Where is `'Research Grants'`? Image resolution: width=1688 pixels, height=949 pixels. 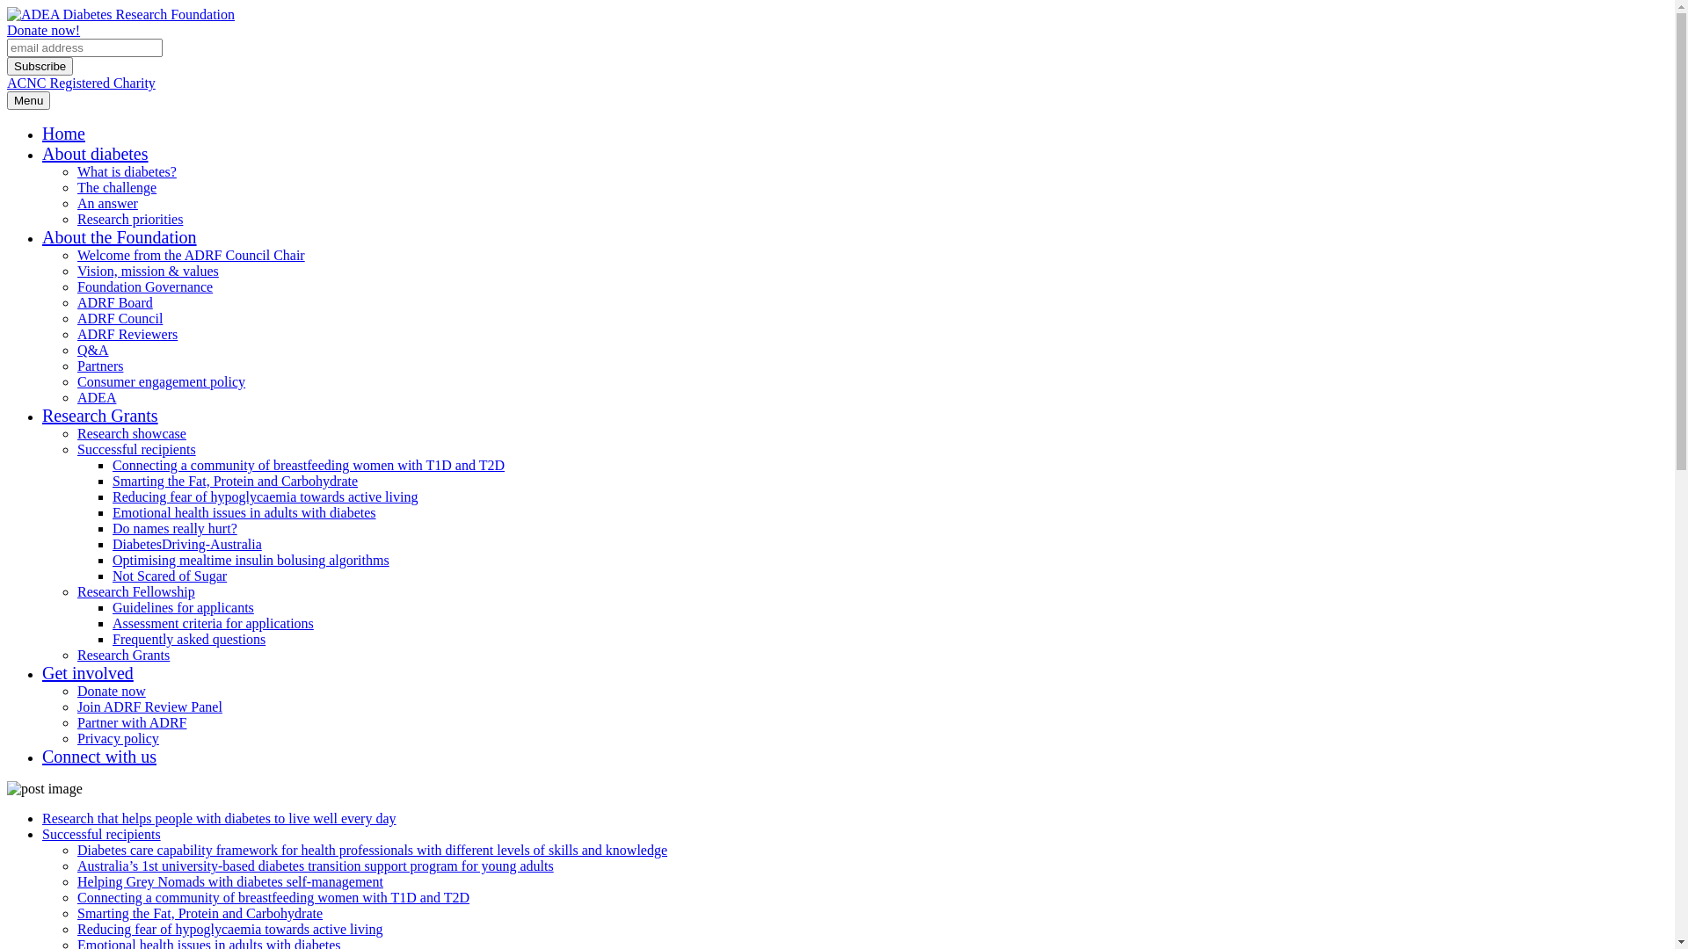 'Research Grants' is located at coordinates (122, 655).